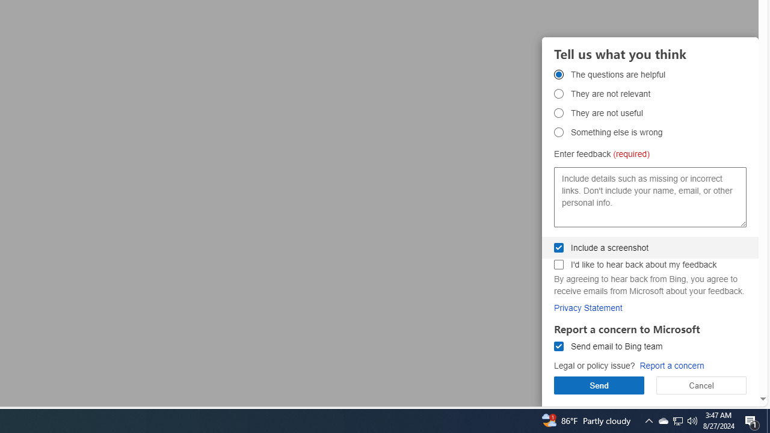 This screenshot has height=433, width=770. Describe the element at coordinates (558, 346) in the screenshot. I see `'Send email to Bing team Send email to Bing team'` at that location.